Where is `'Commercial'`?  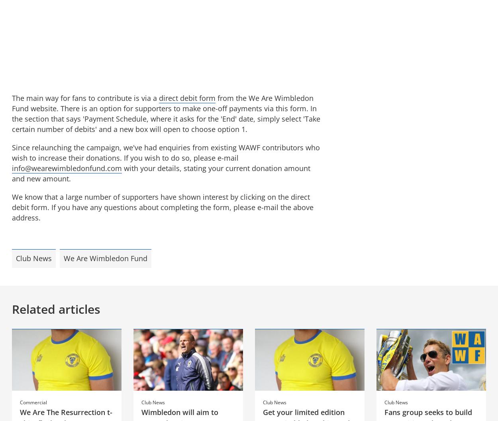
'Commercial' is located at coordinates (33, 401).